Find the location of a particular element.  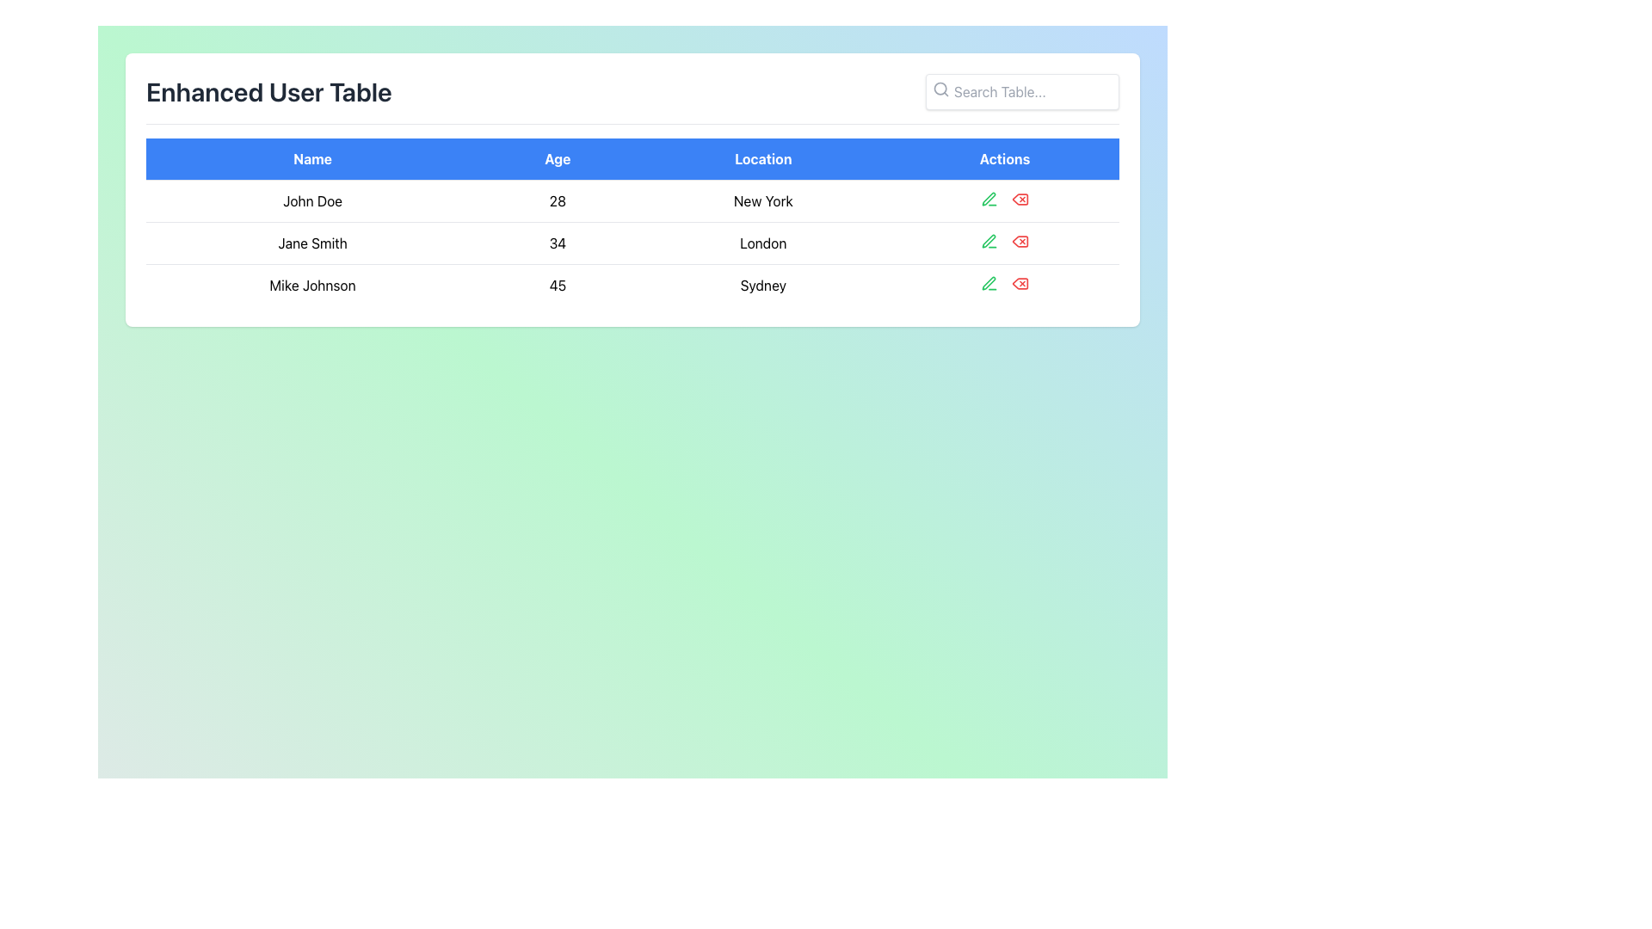

the control group for user 'Mike Johnson' located in the 'Actions' column of the third row from the top is located at coordinates (1004, 283).